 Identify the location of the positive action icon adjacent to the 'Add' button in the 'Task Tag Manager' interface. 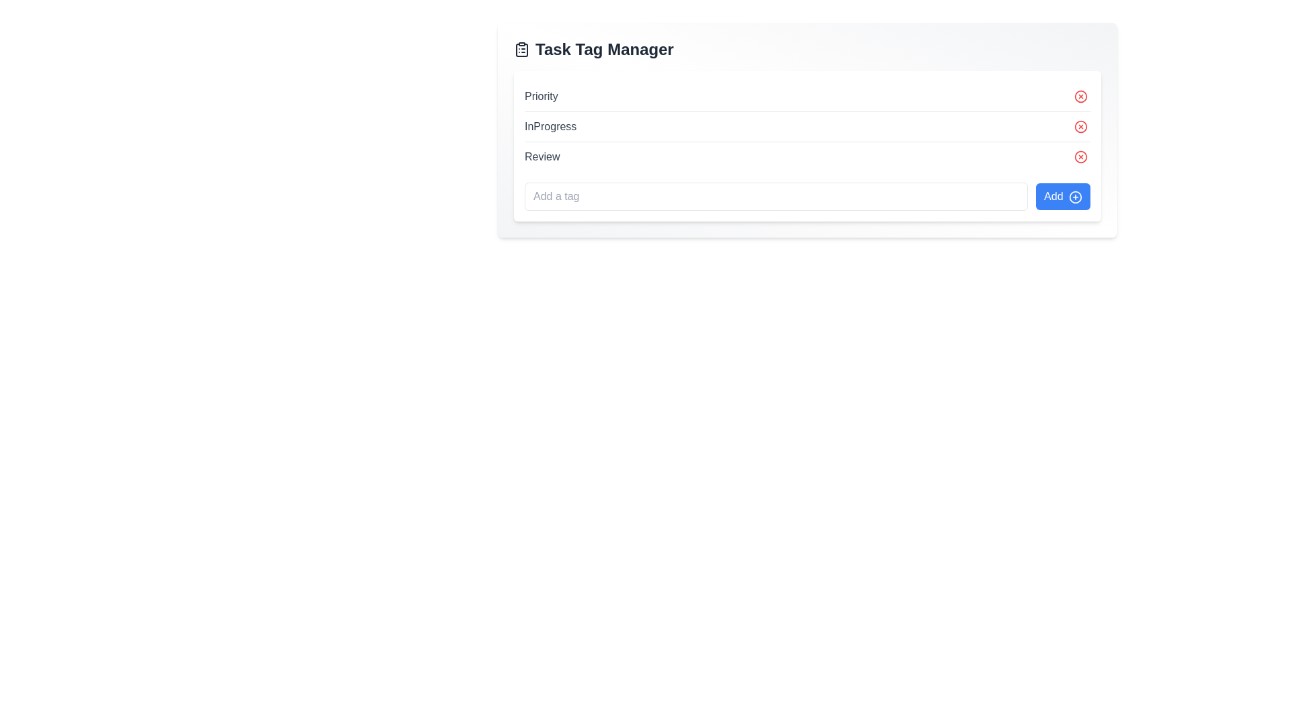
(1076, 197).